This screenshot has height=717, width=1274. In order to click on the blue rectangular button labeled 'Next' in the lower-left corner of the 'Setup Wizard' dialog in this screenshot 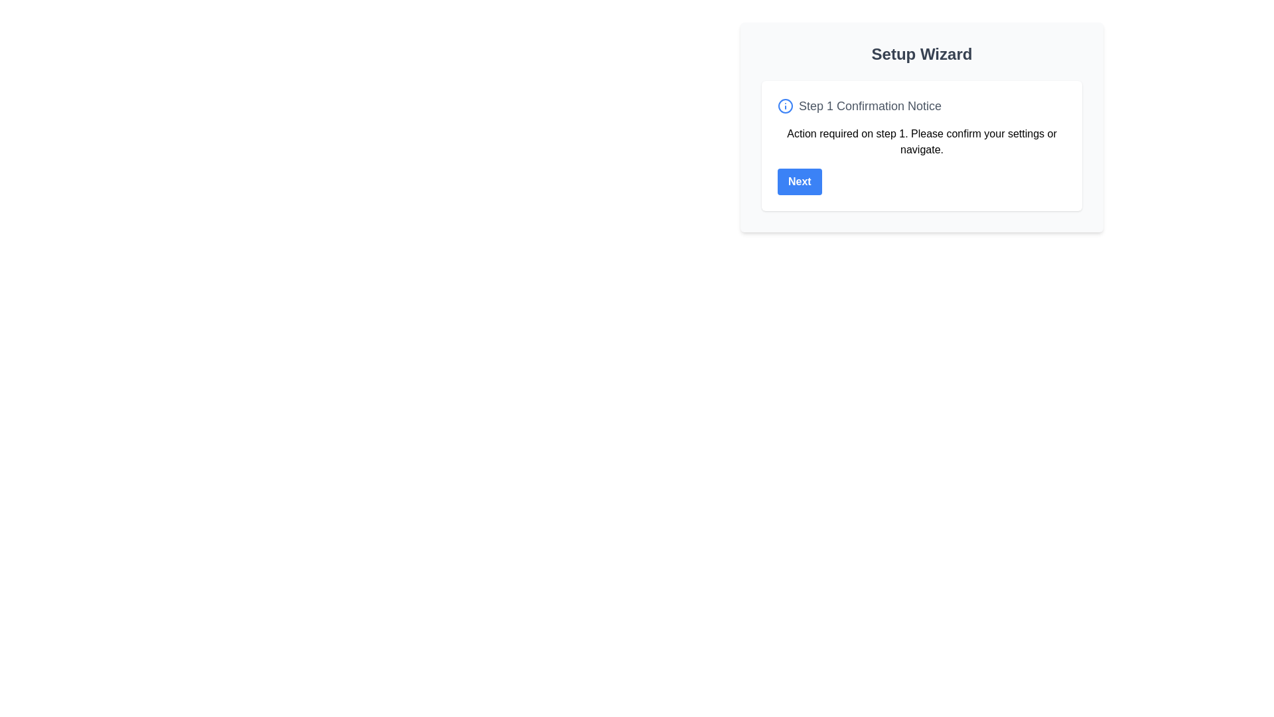, I will do `click(799, 181)`.